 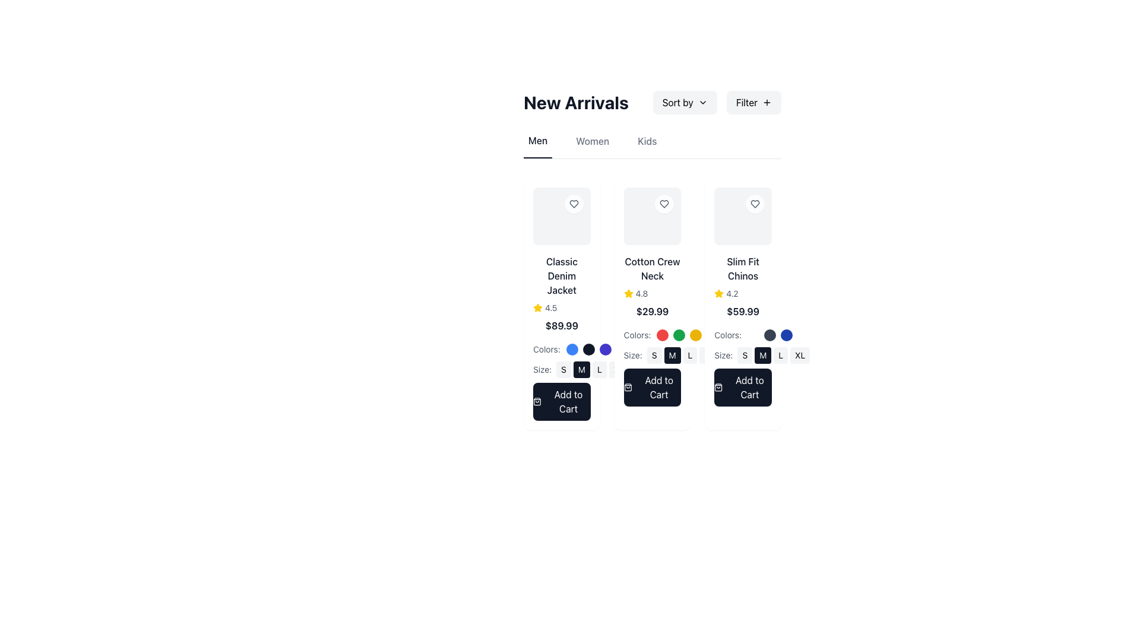 What do you see at coordinates (627, 387) in the screenshot?
I see `the shopping bag icon within the 'Add to Cart' button located in the second product's options` at bounding box center [627, 387].